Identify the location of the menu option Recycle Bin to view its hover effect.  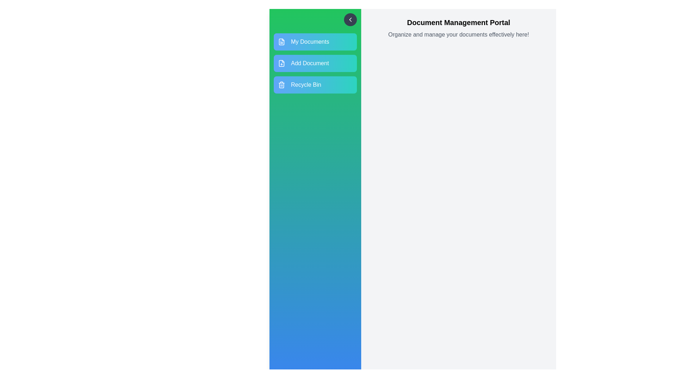
(315, 84).